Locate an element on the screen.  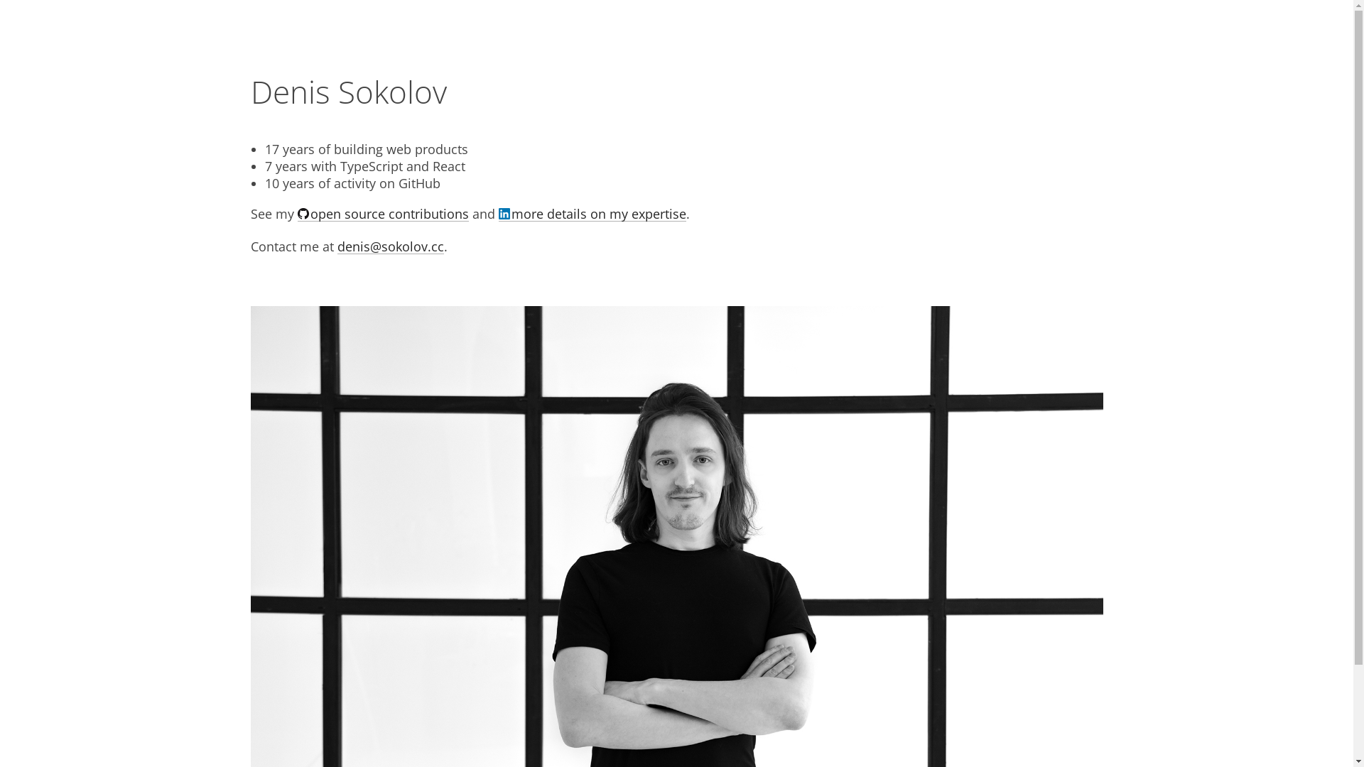
'more details on my expertise' is located at coordinates (592, 217).